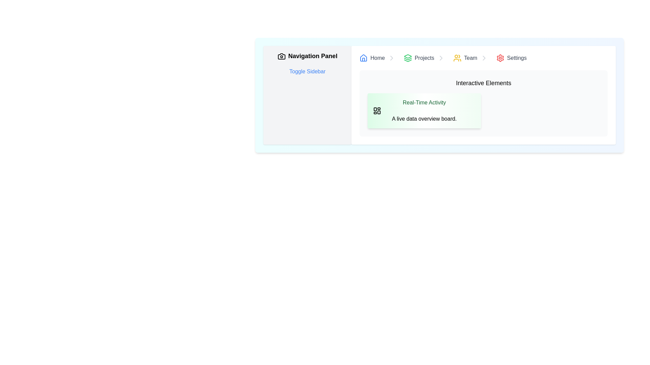 This screenshot has width=650, height=365. What do you see at coordinates (377, 110) in the screenshot?
I see `the icon located at the top-left corner of the 'Real-Time Activity' card within the 'Interactive Elements' section` at bounding box center [377, 110].